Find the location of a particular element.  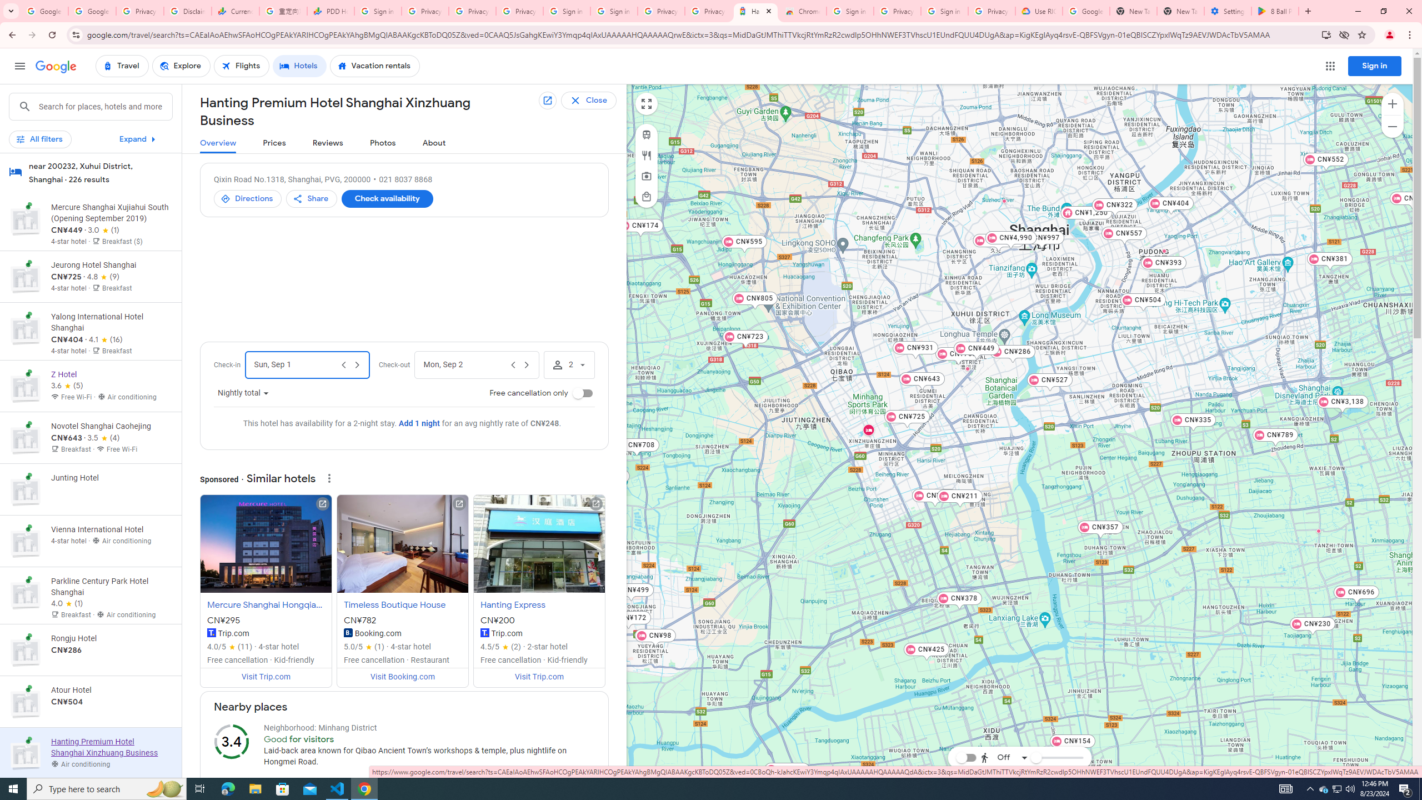

'View prices for Parkline Century Park Hotel Shanghai' is located at coordinates (111, 636).